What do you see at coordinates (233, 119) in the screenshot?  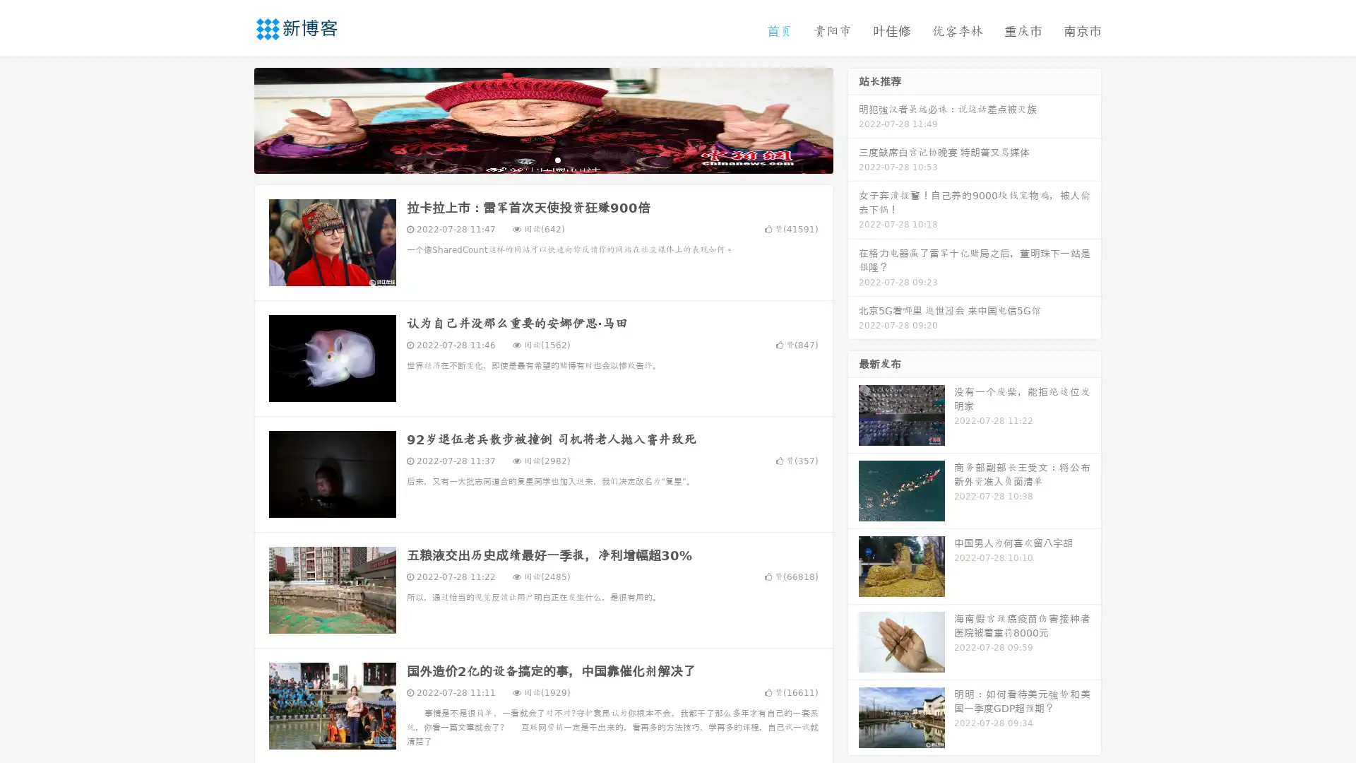 I see `Previous slide` at bounding box center [233, 119].